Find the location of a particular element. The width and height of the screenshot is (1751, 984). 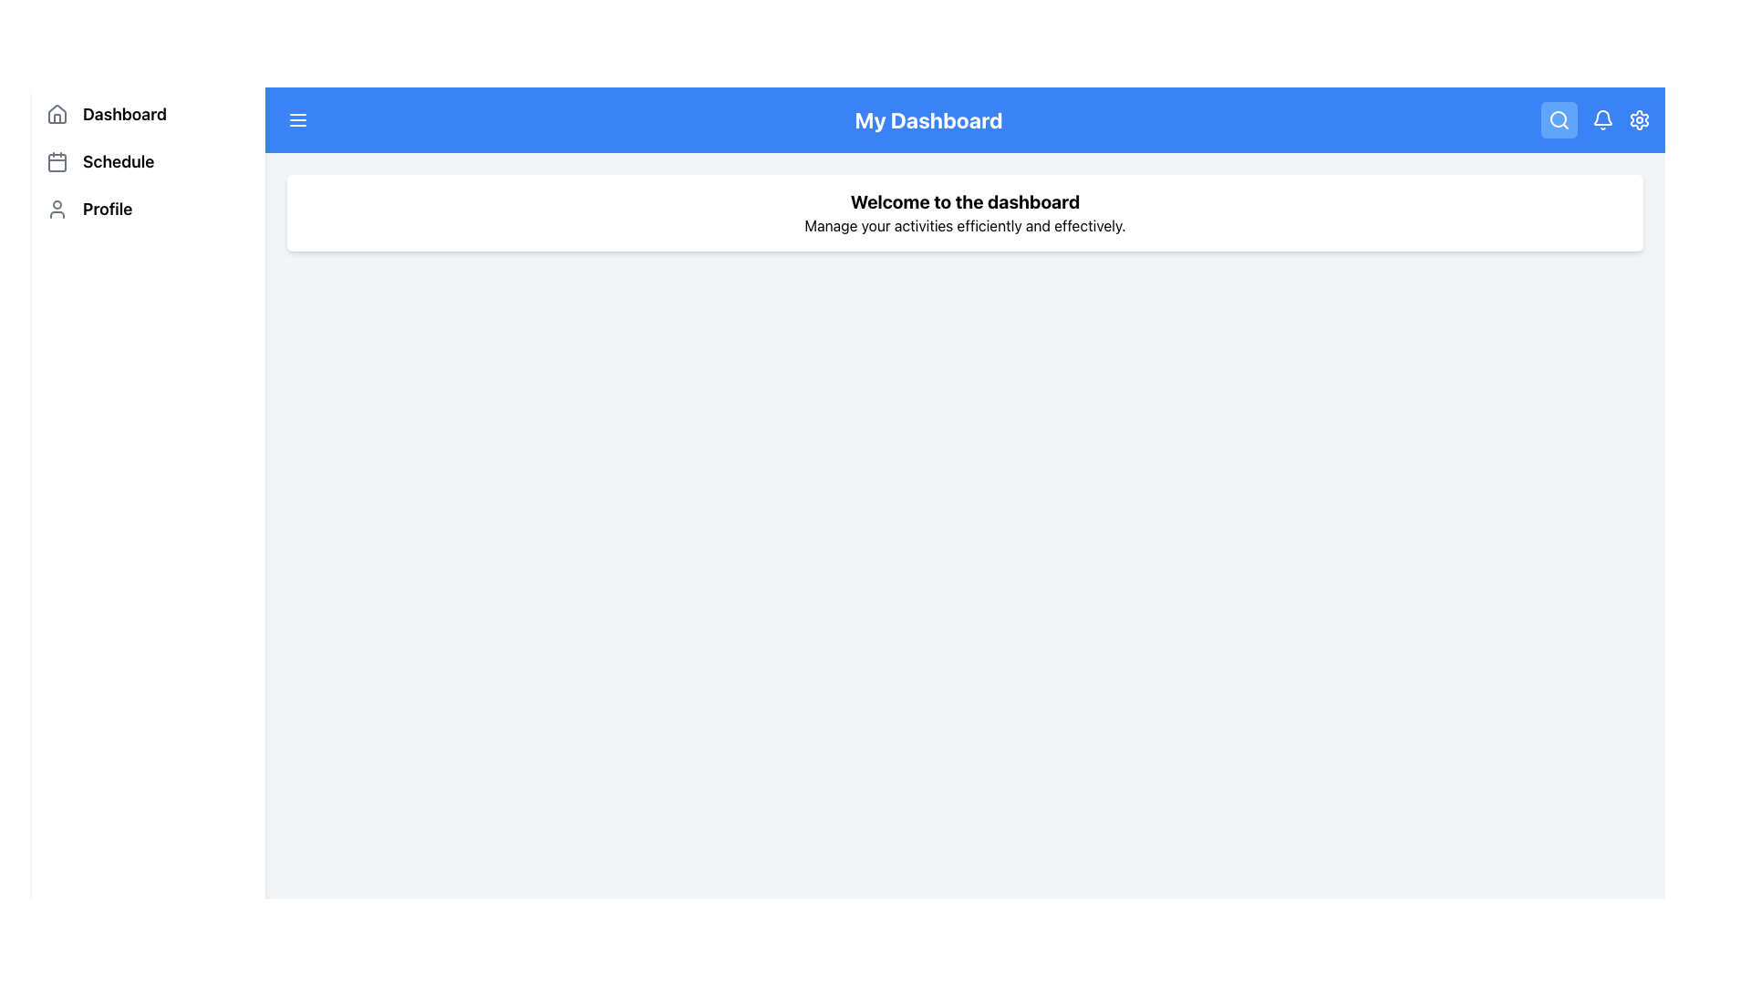

the menu button located in the top-left corner of the header bar, next to 'My Dashboard' is located at coordinates (297, 119).